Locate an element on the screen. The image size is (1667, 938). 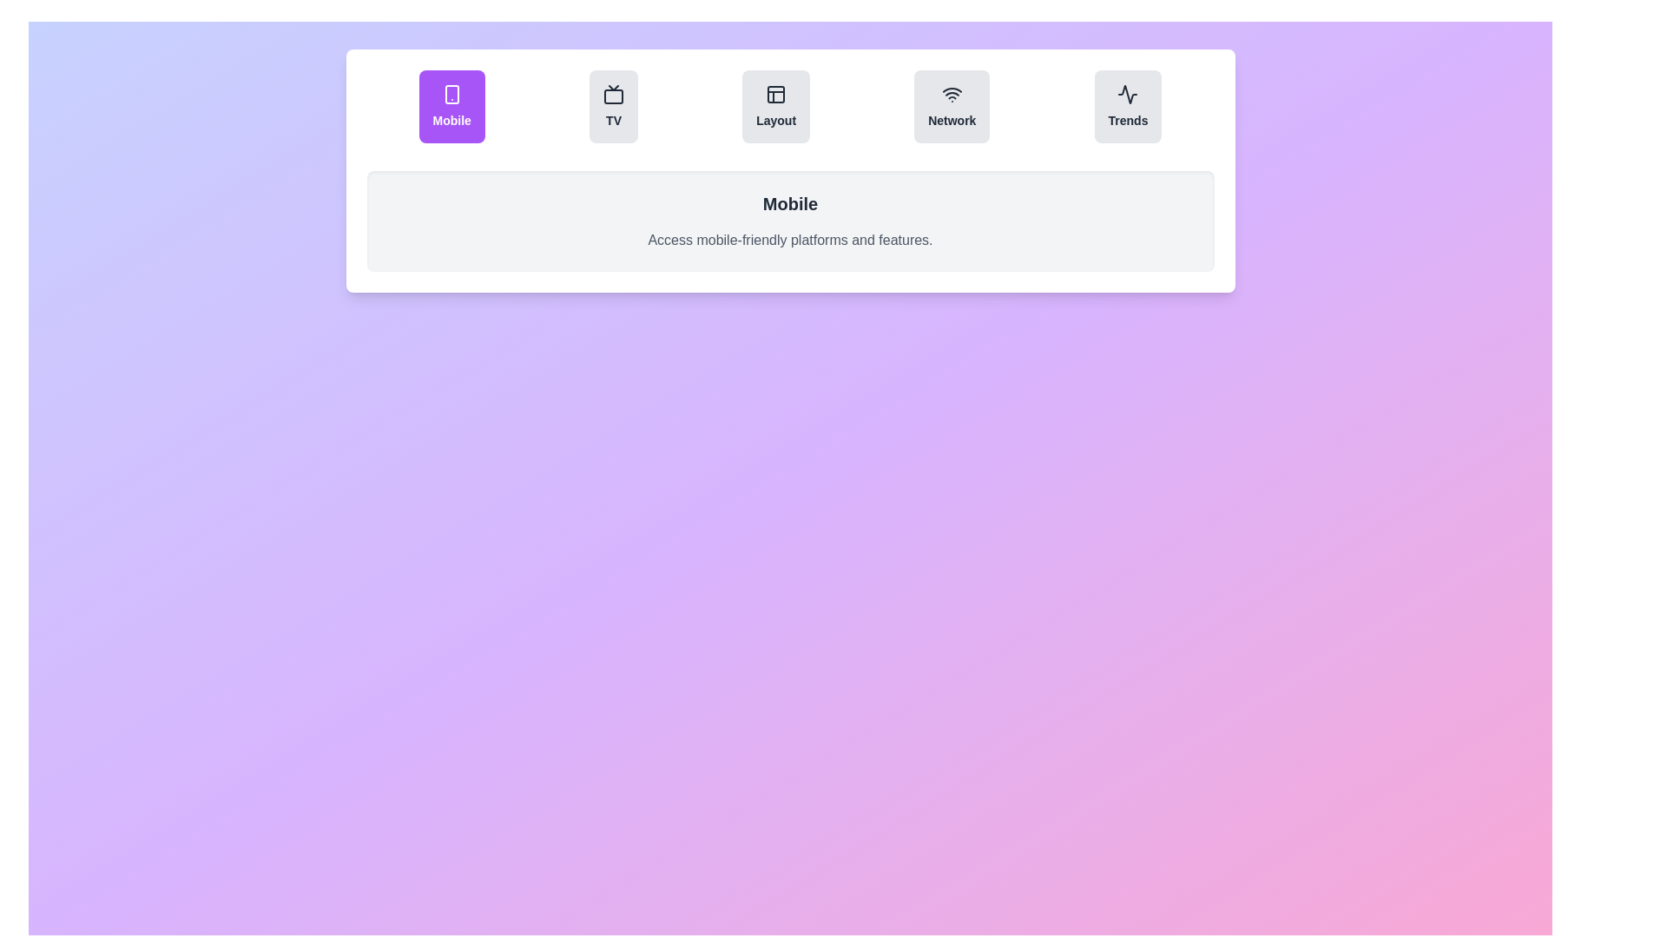
the 'Network' button which contains the network icon, located in the top navigation bar between 'Layout' and 'Trends' is located at coordinates (951, 94).